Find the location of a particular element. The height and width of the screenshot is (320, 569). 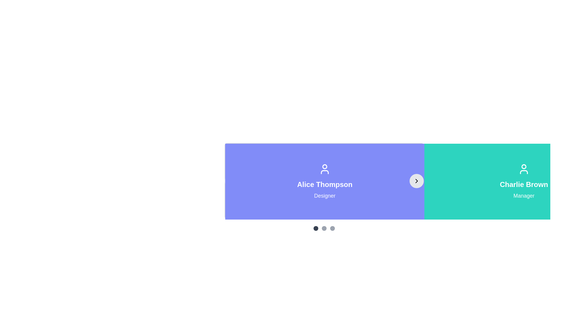

the circular component within the user icon design located above the name 'Alice Thompson' in the left blue card of the interface is located at coordinates (324, 167).